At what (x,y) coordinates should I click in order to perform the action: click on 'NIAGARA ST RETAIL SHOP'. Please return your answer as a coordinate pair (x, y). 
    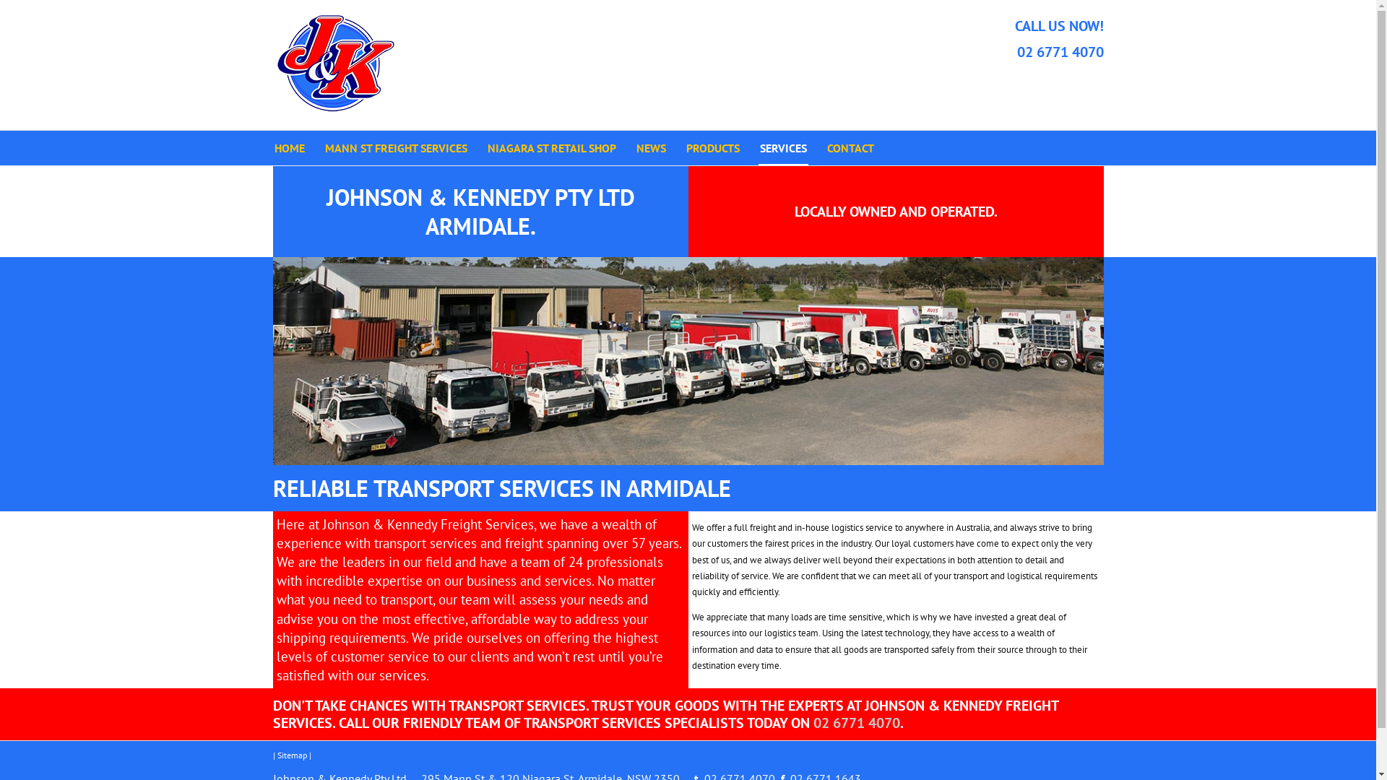
    Looking at the image, I should click on (550, 147).